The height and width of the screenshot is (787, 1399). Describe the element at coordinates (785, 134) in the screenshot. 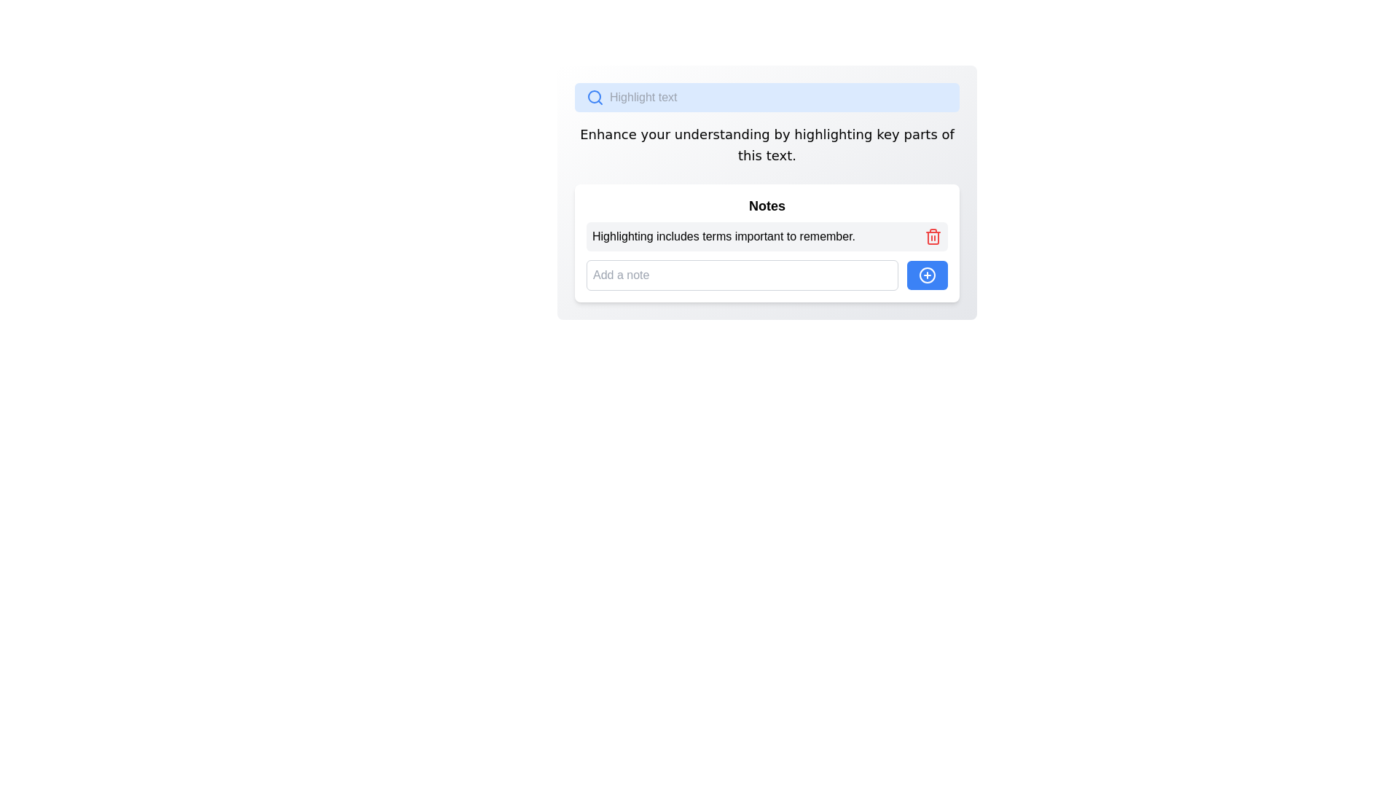

I see `the static text element that is part of the instruction 'Enhance your understanding by highlighting key parts of this text', specifically positioned within the word 'by'` at that location.